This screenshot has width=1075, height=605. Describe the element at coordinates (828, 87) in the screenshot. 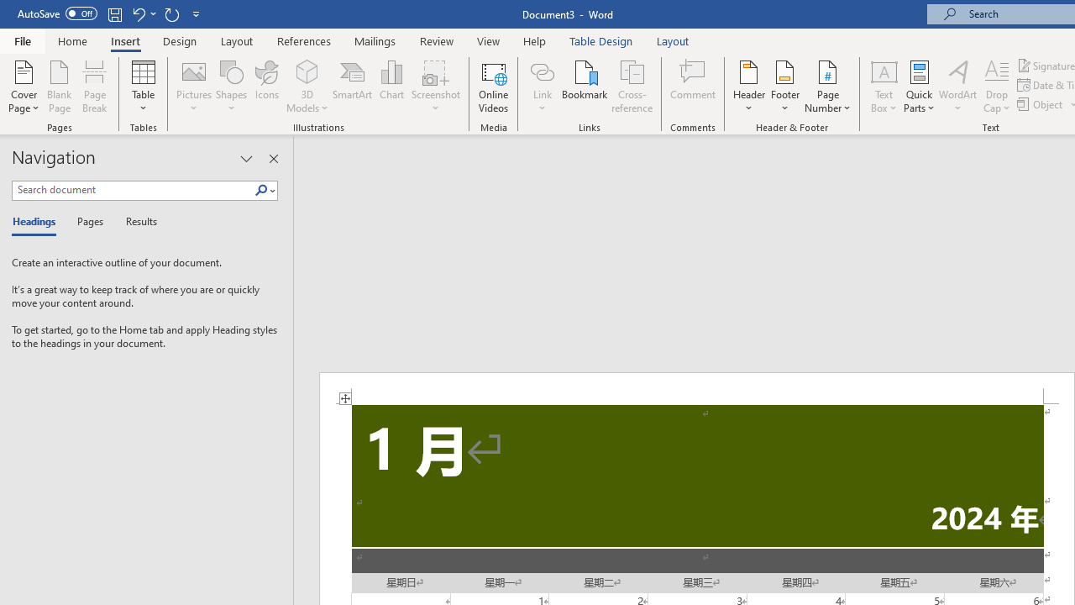

I see `'Page Number'` at that location.